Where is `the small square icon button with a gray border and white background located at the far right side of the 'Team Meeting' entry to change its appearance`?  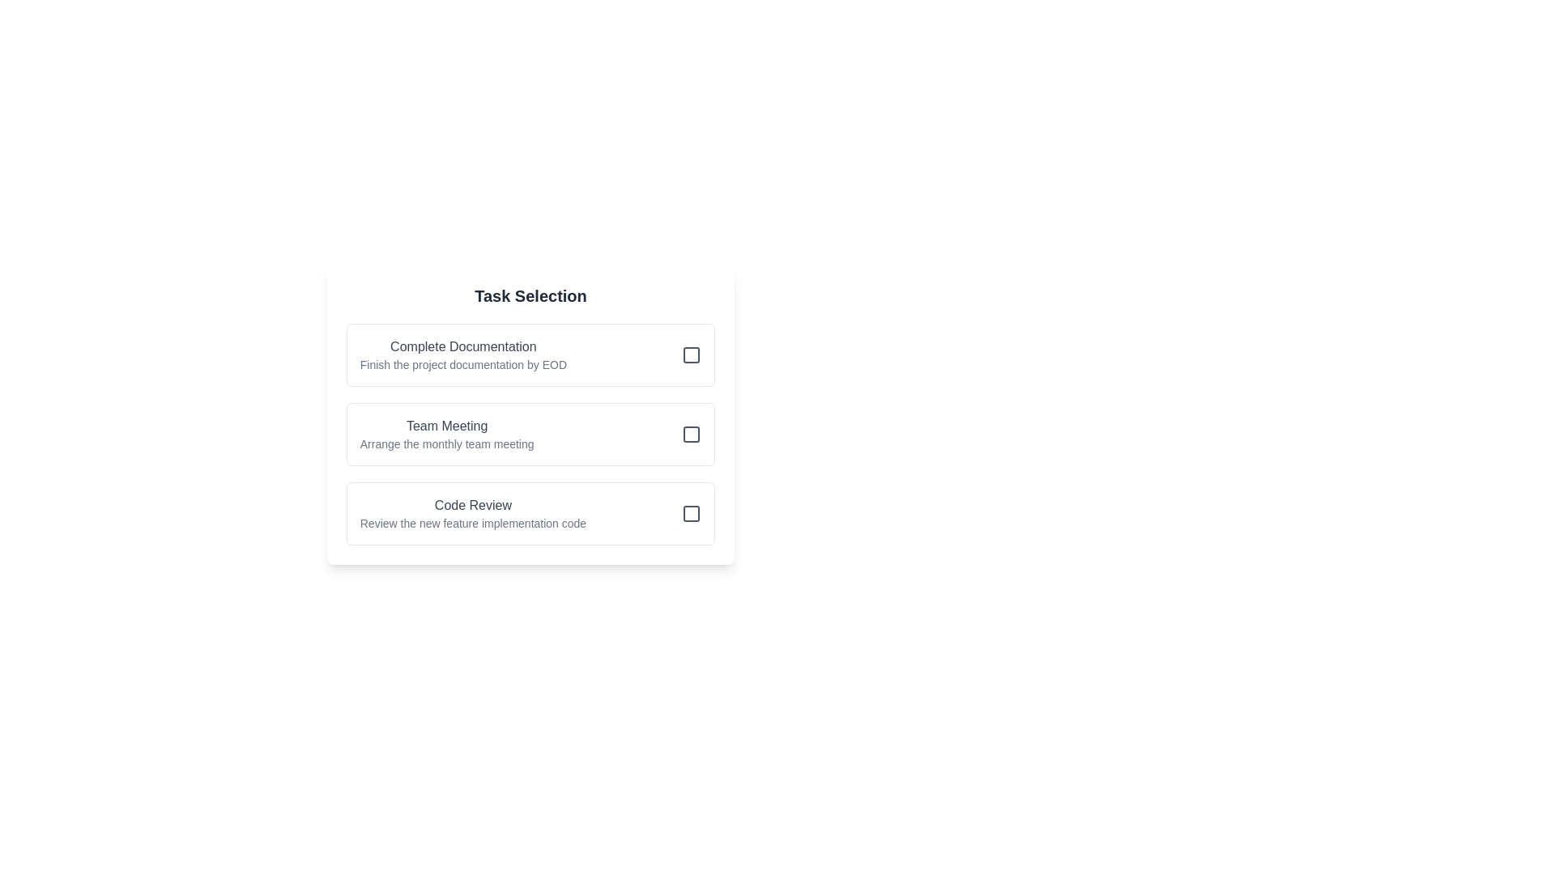 the small square icon button with a gray border and white background located at the far right side of the 'Team Meeting' entry to change its appearance is located at coordinates (692, 433).